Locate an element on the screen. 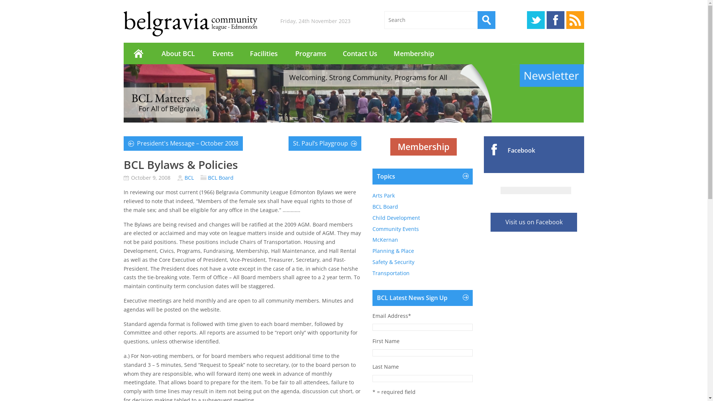 This screenshot has height=401, width=713. 'About BCL' is located at coordinates (153, 53).